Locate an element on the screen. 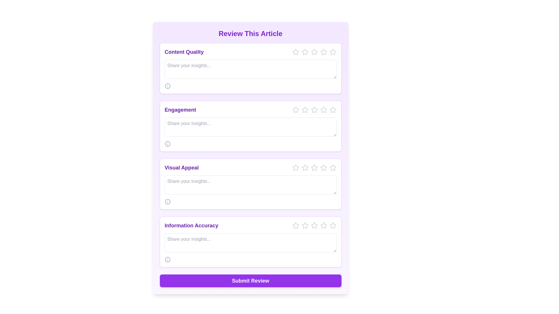  the small circular 'info' icon located in the bottom-right corner of the 'Information Accuracy' section to reveal the tooltip is located at coordinates (167, 259).